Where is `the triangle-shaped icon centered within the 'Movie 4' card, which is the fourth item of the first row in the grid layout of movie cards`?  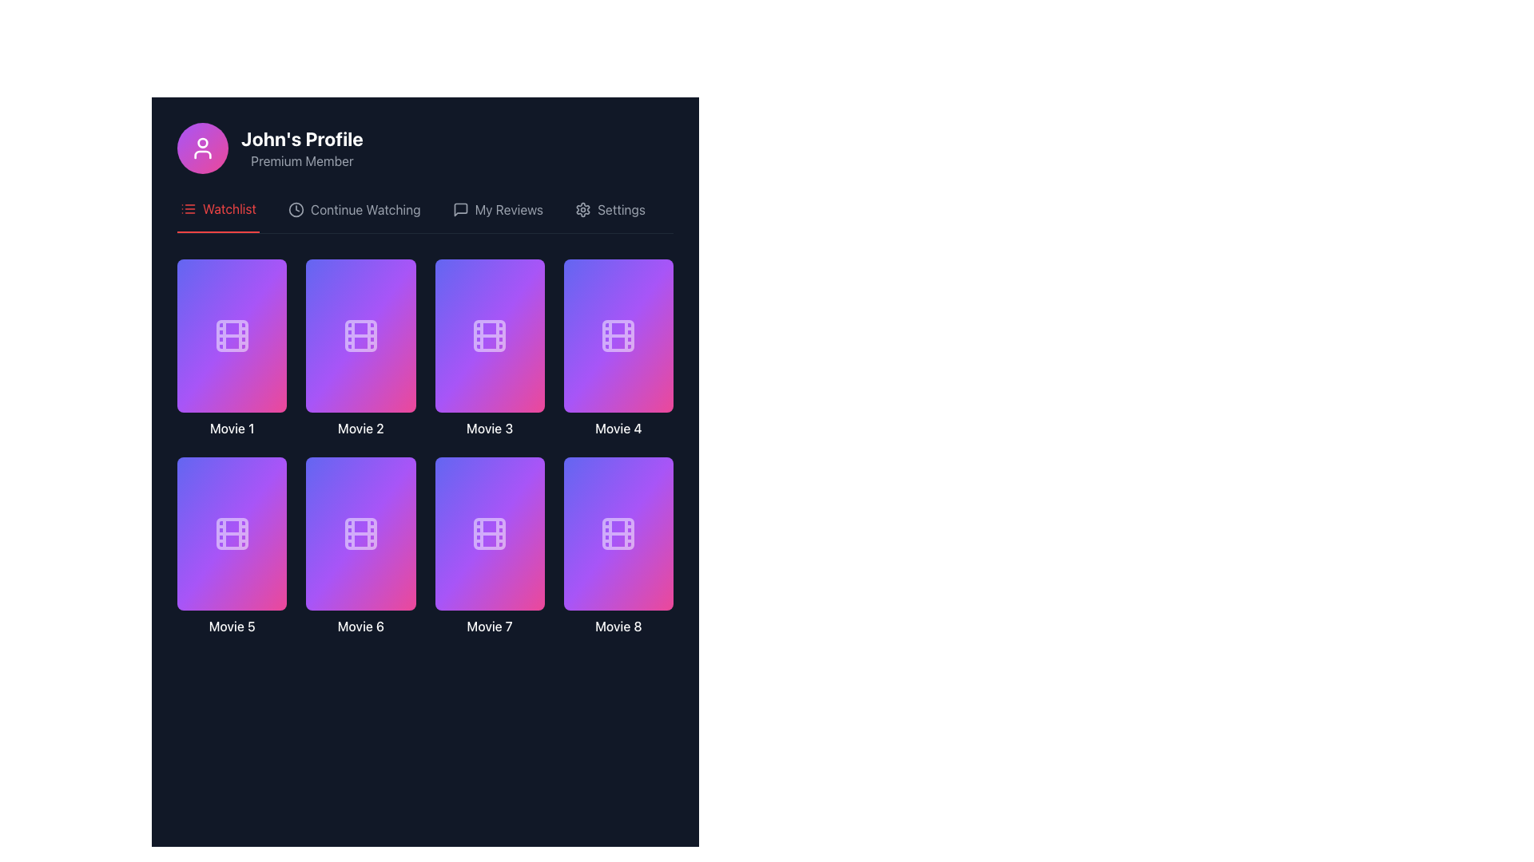 the triangle-shaped icon centered within the 'Movie 4' card, which is the fourth item of the first row in the grid layout of movie cards is located at coordinates (618, 327).